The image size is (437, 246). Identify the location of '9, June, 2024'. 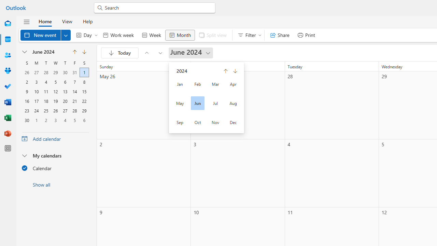
(27, 91).